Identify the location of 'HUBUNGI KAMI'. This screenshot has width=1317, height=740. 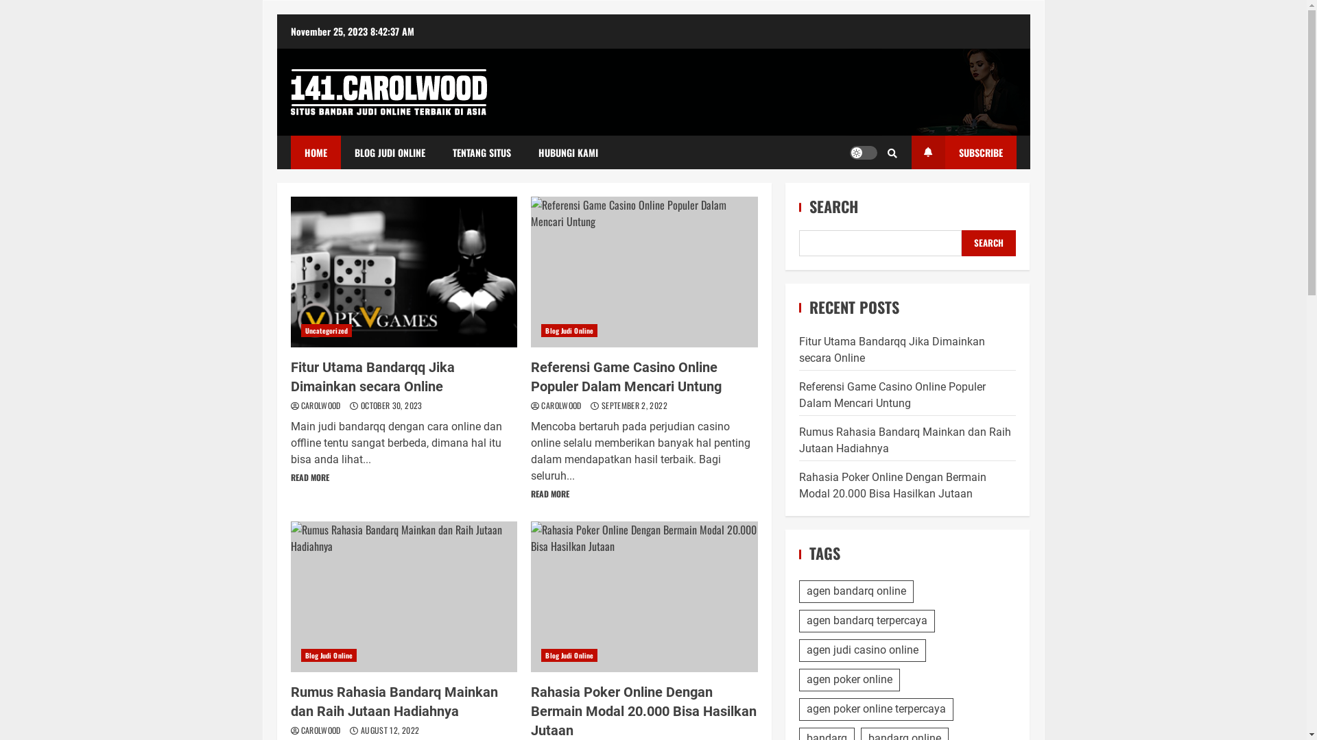
(523, 152).